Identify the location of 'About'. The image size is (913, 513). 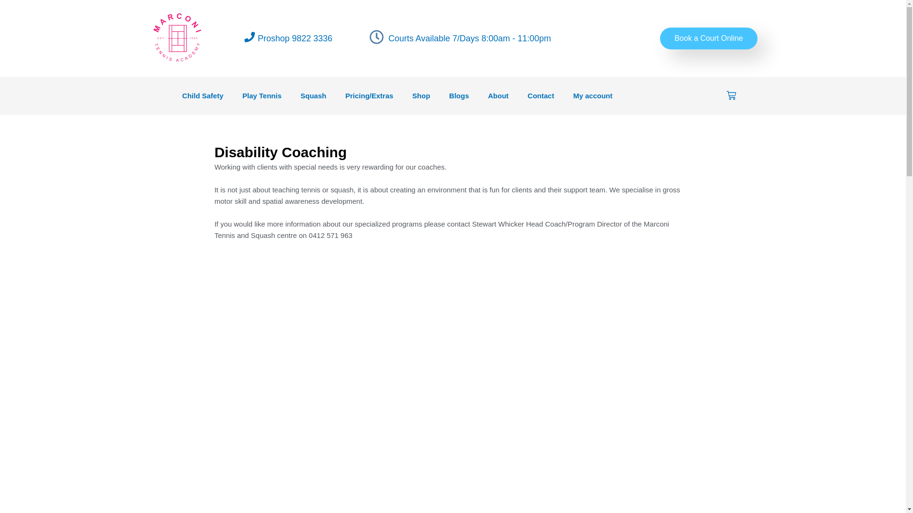
(497, 95).